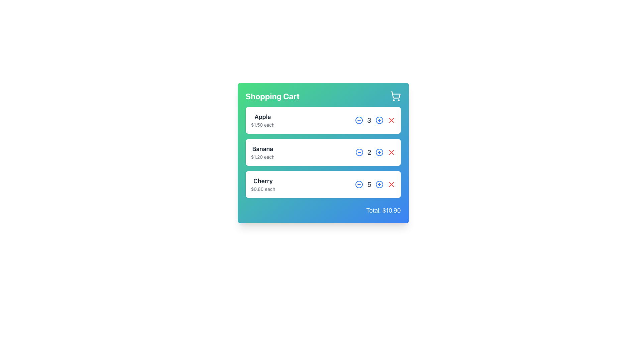 This screenshot has width=642, height=361. I want to click on the remove button located at the far right of the shopping cart interface, so click(391, 120).